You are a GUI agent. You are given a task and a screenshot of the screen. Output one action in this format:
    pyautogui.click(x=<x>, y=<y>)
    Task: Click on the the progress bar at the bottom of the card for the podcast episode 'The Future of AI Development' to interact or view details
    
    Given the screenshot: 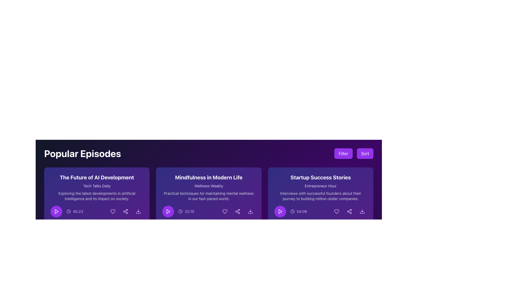 What is the action you would take?
    pyautogui.click(x=97, y=222)
    